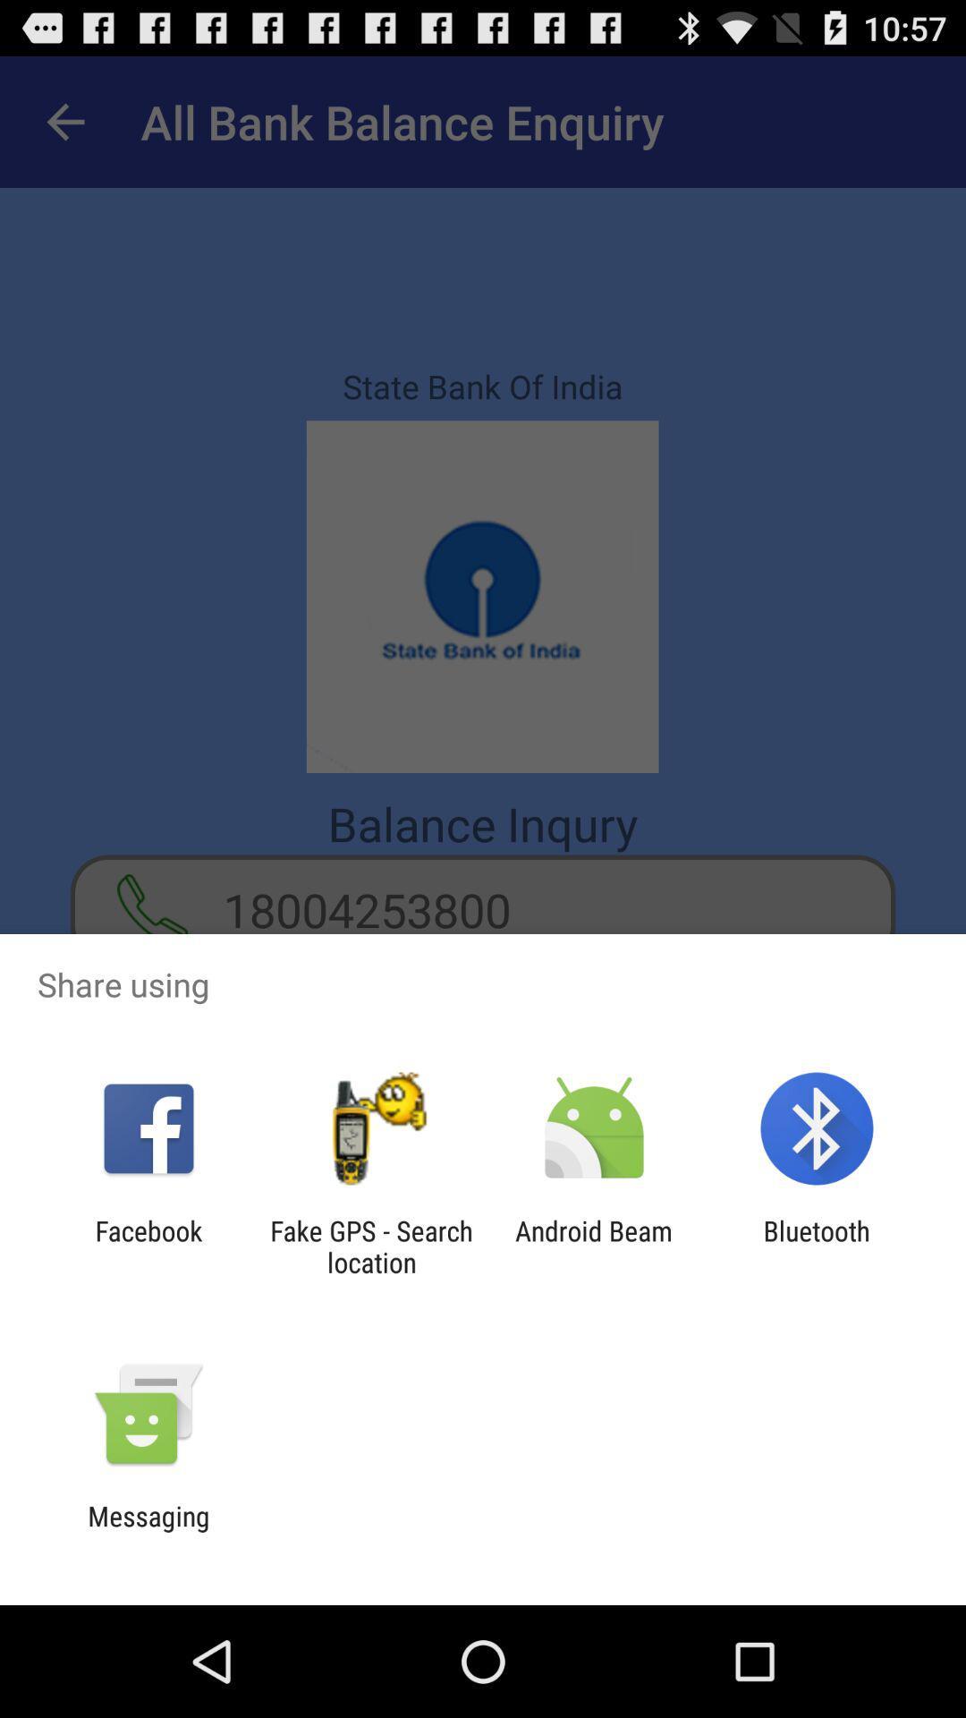  I want to click on the app to the right of facebook, so click(370, 1246).